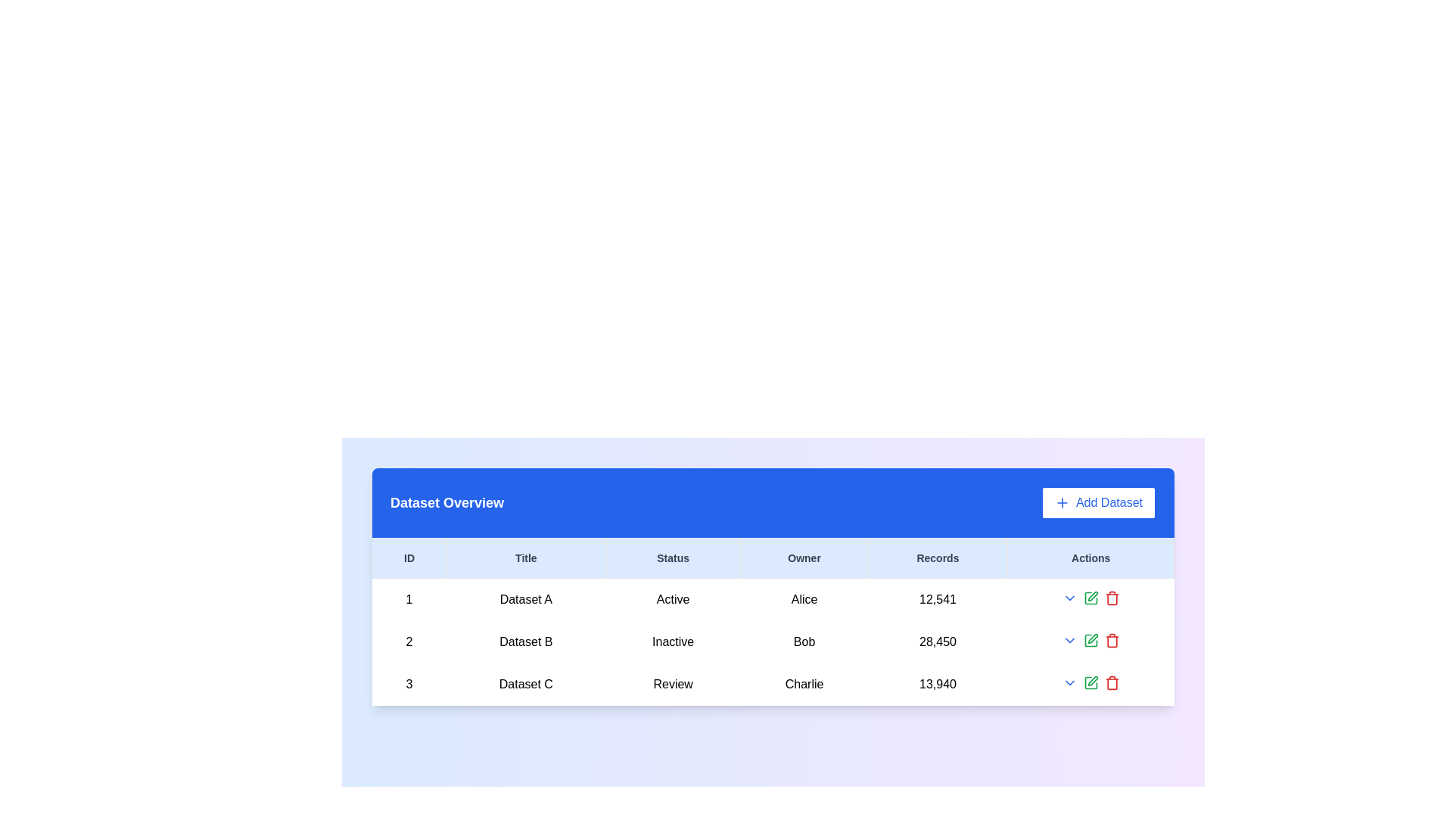 Image resolution: width=1453 pixels, height=817 pixels. What do you see at coordinates (446, 502) in the screenshot?
I see `the bold, large text block displaying the title 'Dataset Overview' in white font on a blue background, located in the top-left corner of the header section of the dataset management panel` at bounding box center [446, 502].